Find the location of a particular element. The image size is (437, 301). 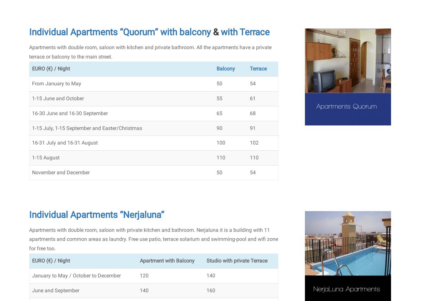

'January to May  / October to December' is located at coordinates (76, 275).